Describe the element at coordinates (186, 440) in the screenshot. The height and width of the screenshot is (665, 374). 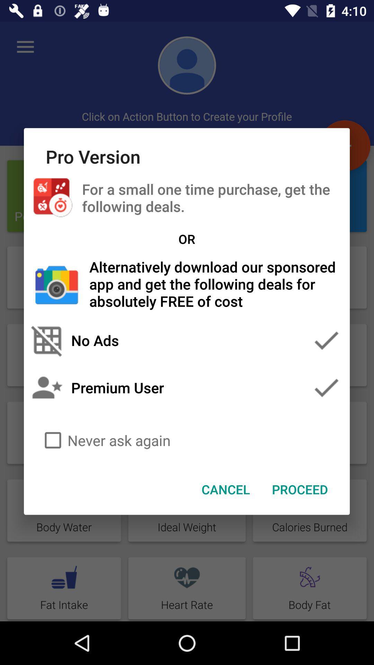
I see `the icon above cancel item` at that location.